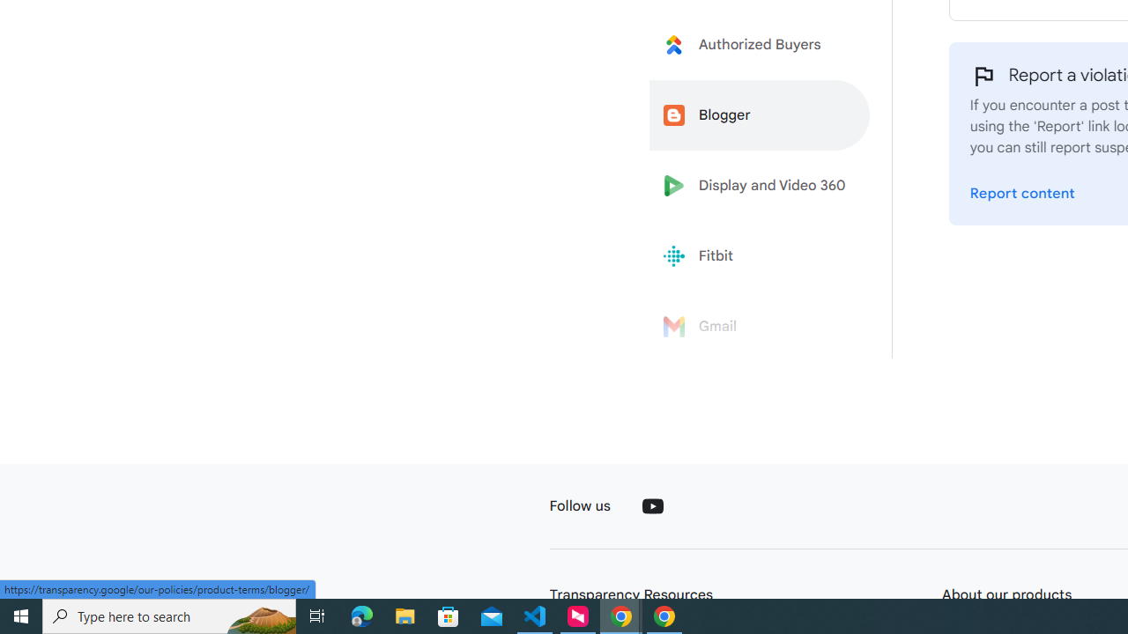  Describe the element at coordinates (760, 256) in the screenshot. I see `'Fitbit'` at that location.